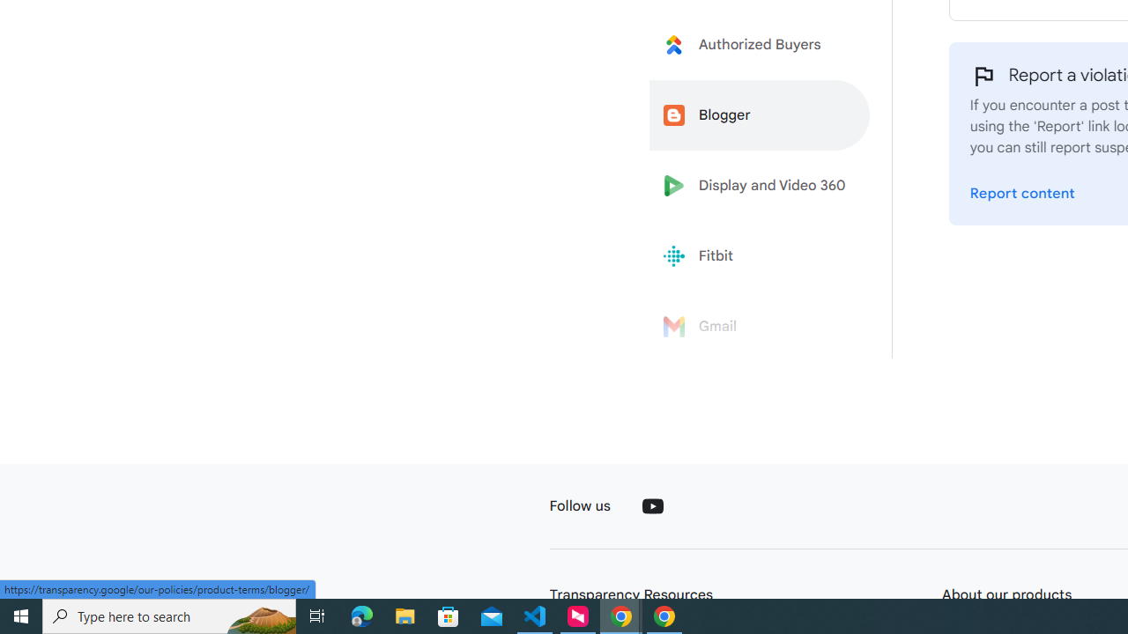  Describe the element at coordinates (760, 256) in the screenshot. I see `'Fitbit'` at that location.